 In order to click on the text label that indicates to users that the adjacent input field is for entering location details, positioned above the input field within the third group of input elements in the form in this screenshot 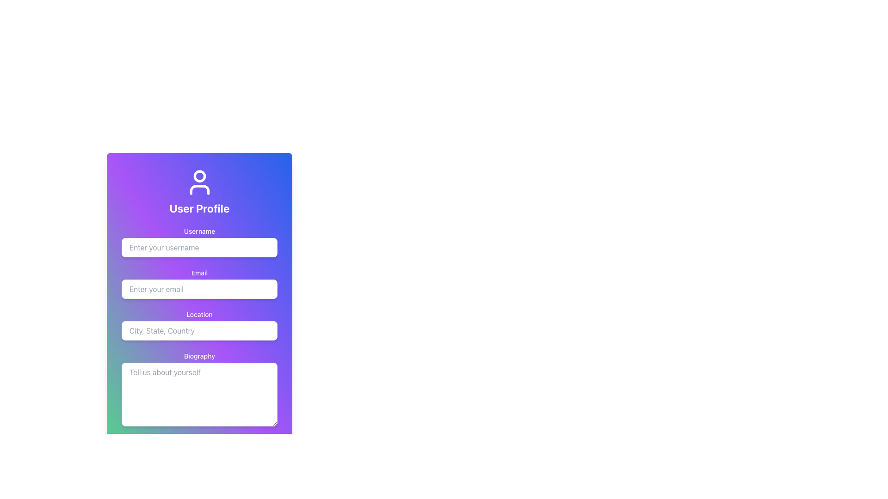, I will do `click(199, 314)`.